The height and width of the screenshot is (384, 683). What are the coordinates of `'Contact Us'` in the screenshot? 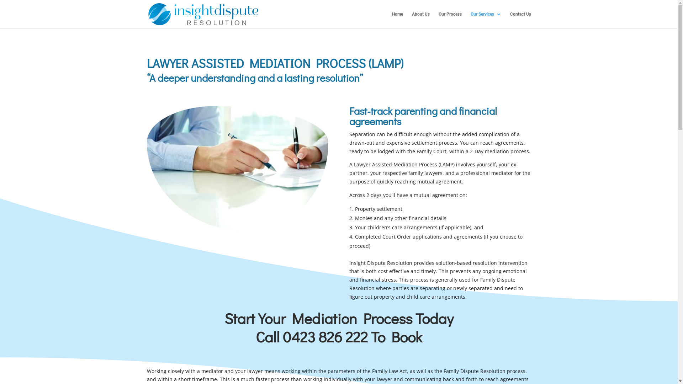 It's located at (520, 20).